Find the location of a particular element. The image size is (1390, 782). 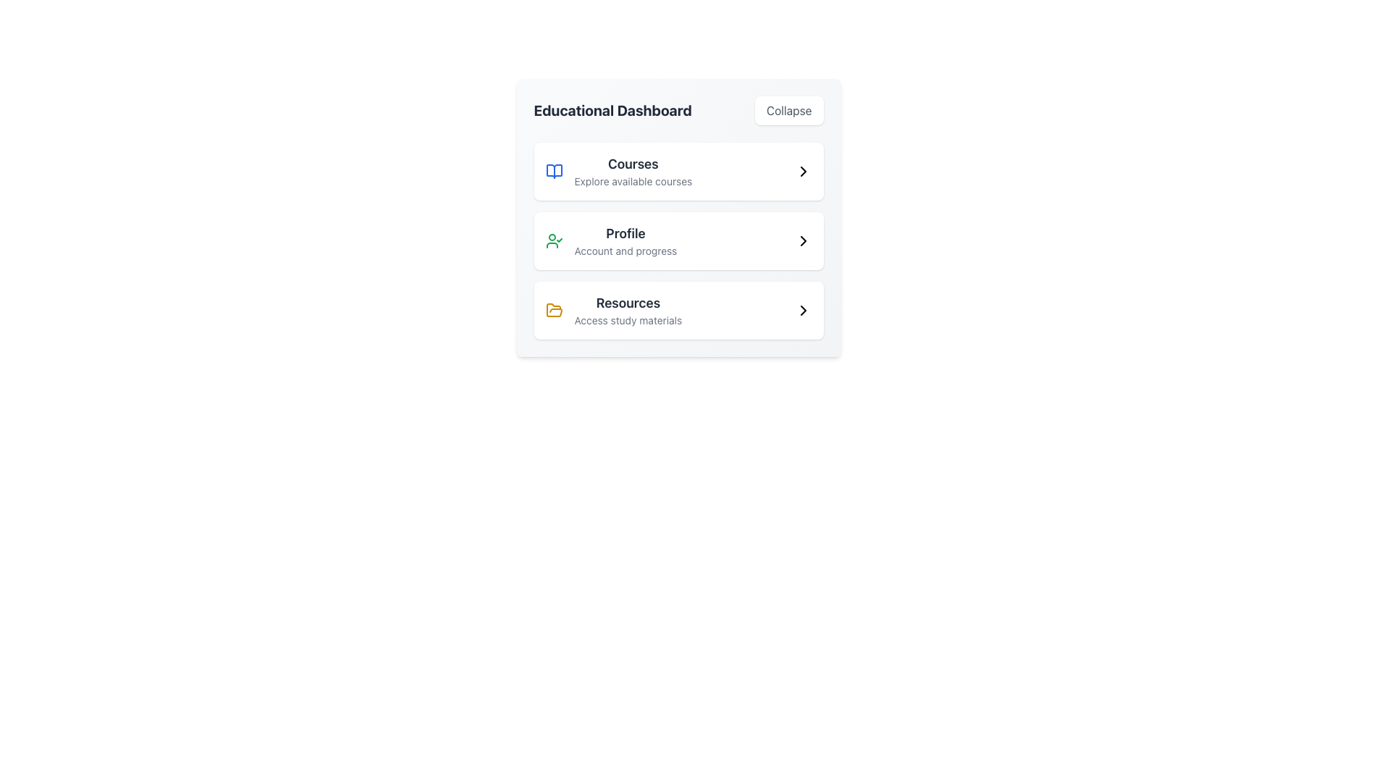

the 'Courses' interactive menu item featuring a blue open book icon and bold black text is located at coordinates (618, 170).